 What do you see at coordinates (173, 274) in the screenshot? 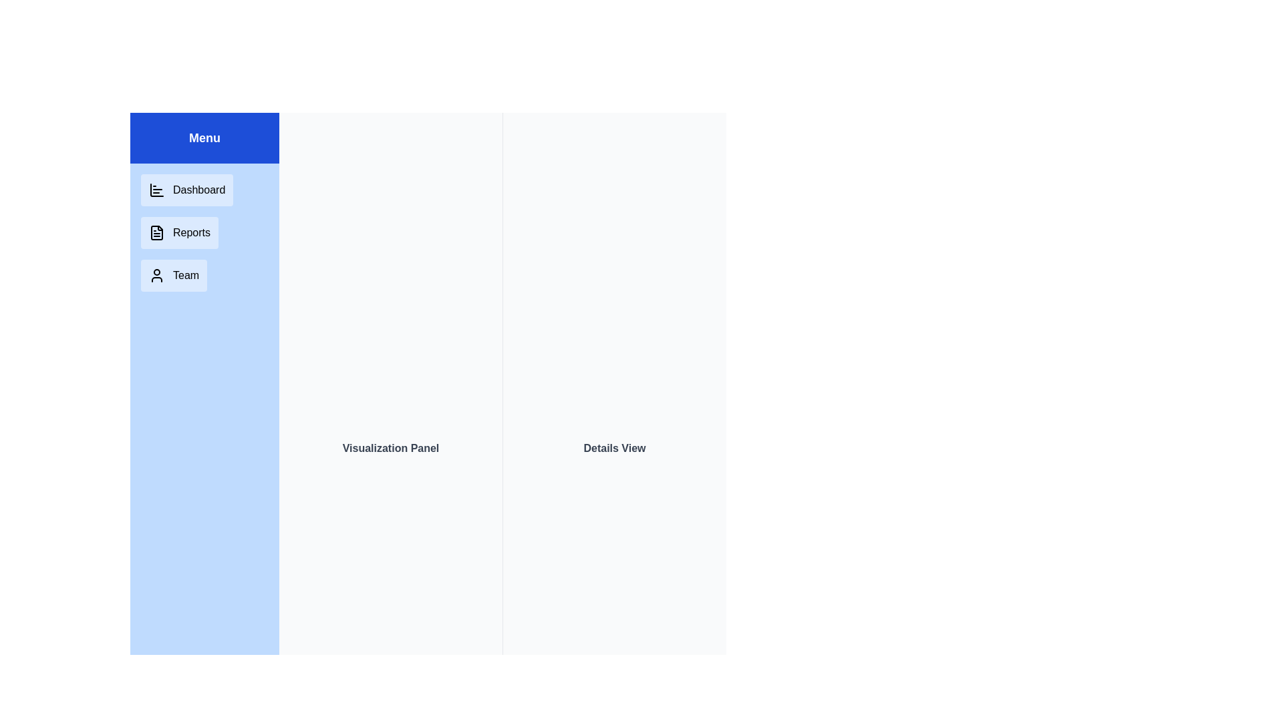
I see `the 'Team' navigation button located in the vertical menu, which is the third item below the 'Reports' button, to observe its hover effects` at bounding box center [173, 274].